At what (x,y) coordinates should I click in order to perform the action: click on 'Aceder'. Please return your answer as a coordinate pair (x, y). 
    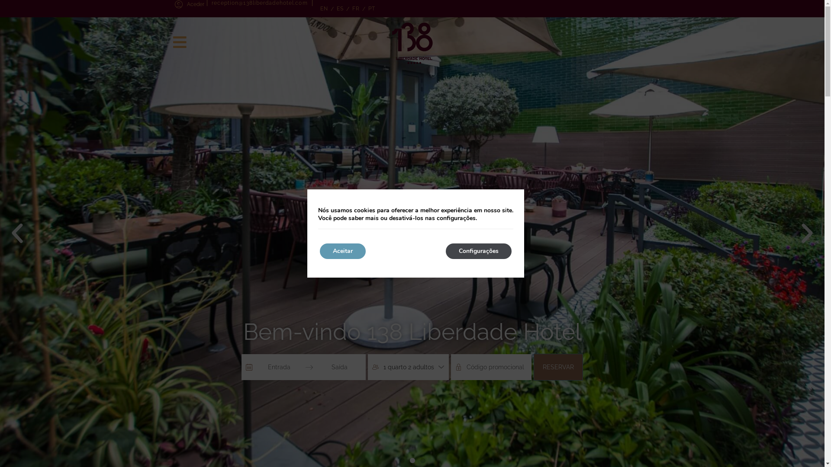
    Looking at the image, I should click on (172, 4).